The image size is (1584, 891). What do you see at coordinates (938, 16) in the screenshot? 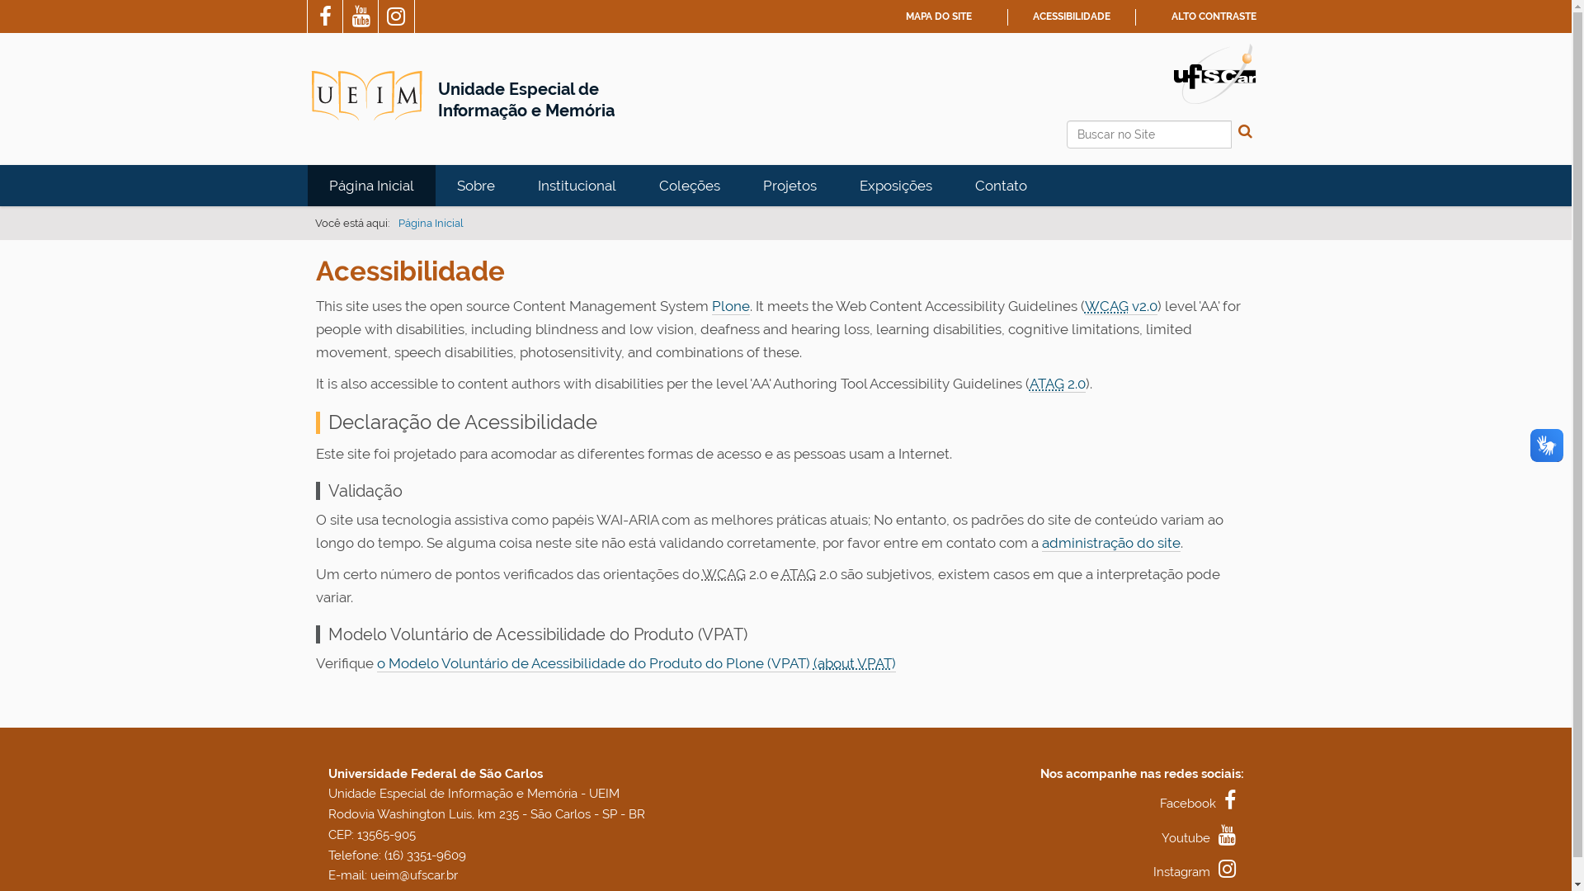
I see `'MAPA DO SITE'` at bounding box center [938, 16].